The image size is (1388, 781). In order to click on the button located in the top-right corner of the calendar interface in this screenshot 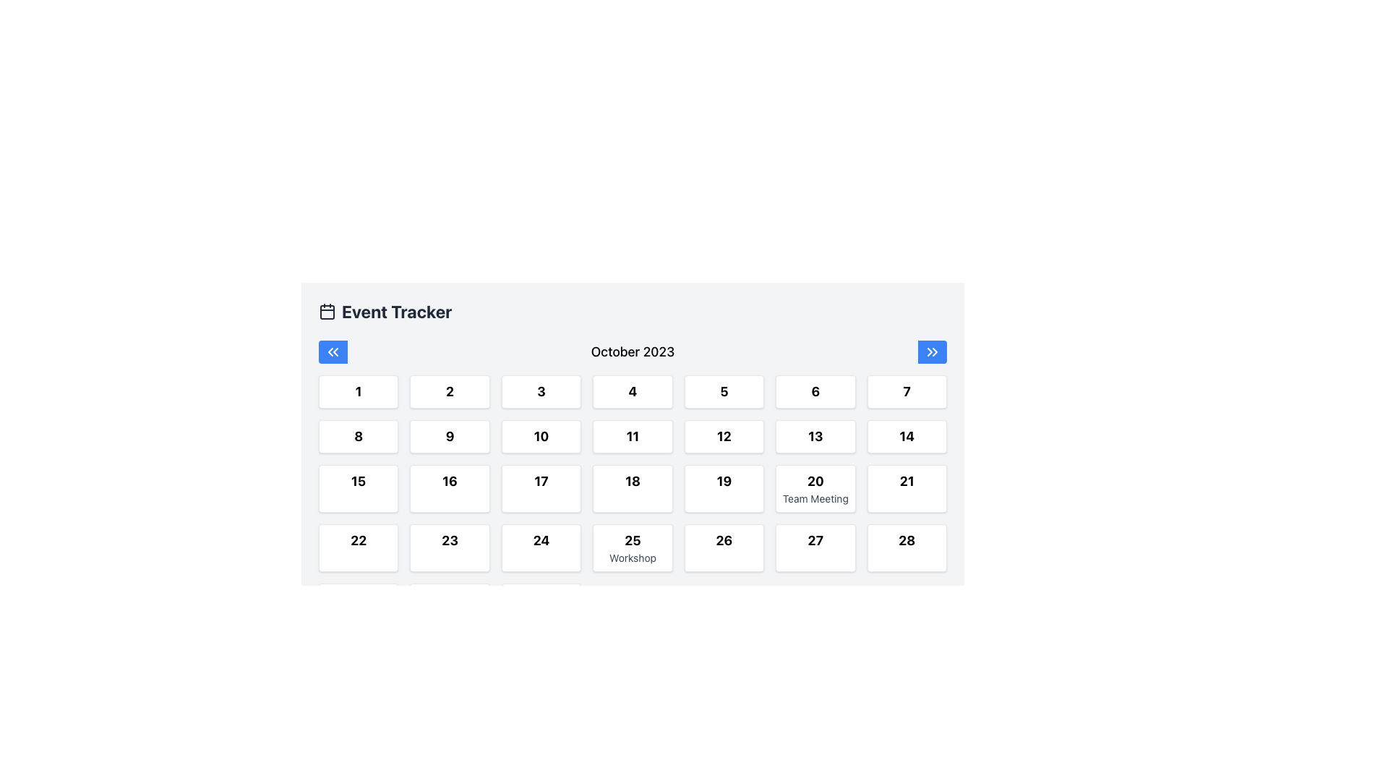, I will do `click(933, 351)`.